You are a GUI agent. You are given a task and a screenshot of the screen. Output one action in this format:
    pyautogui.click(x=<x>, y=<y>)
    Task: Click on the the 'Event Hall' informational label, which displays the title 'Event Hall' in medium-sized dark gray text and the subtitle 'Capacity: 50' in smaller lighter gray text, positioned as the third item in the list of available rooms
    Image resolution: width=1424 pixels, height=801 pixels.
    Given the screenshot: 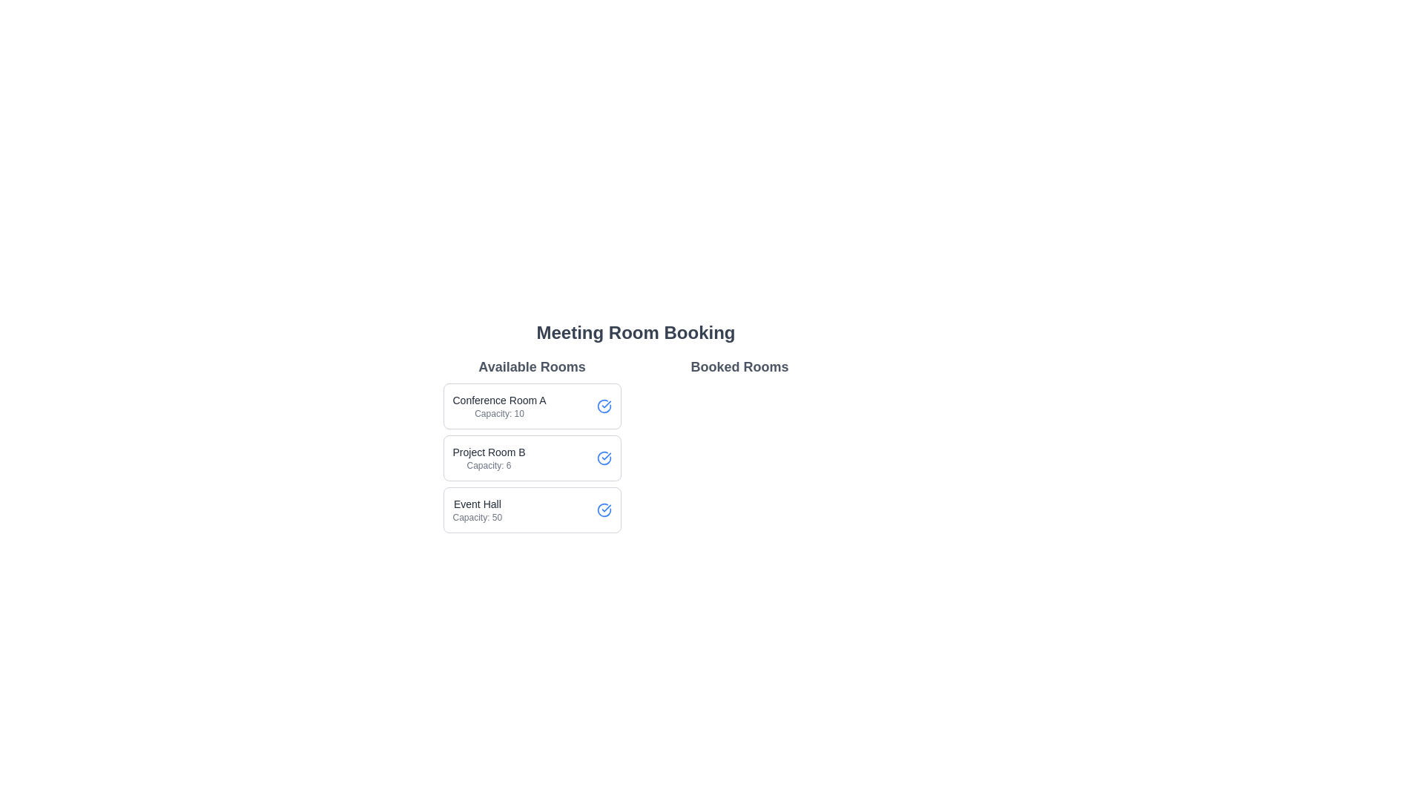 What is the action you would take?
    pyautogui.click(x=477, y=509)
    